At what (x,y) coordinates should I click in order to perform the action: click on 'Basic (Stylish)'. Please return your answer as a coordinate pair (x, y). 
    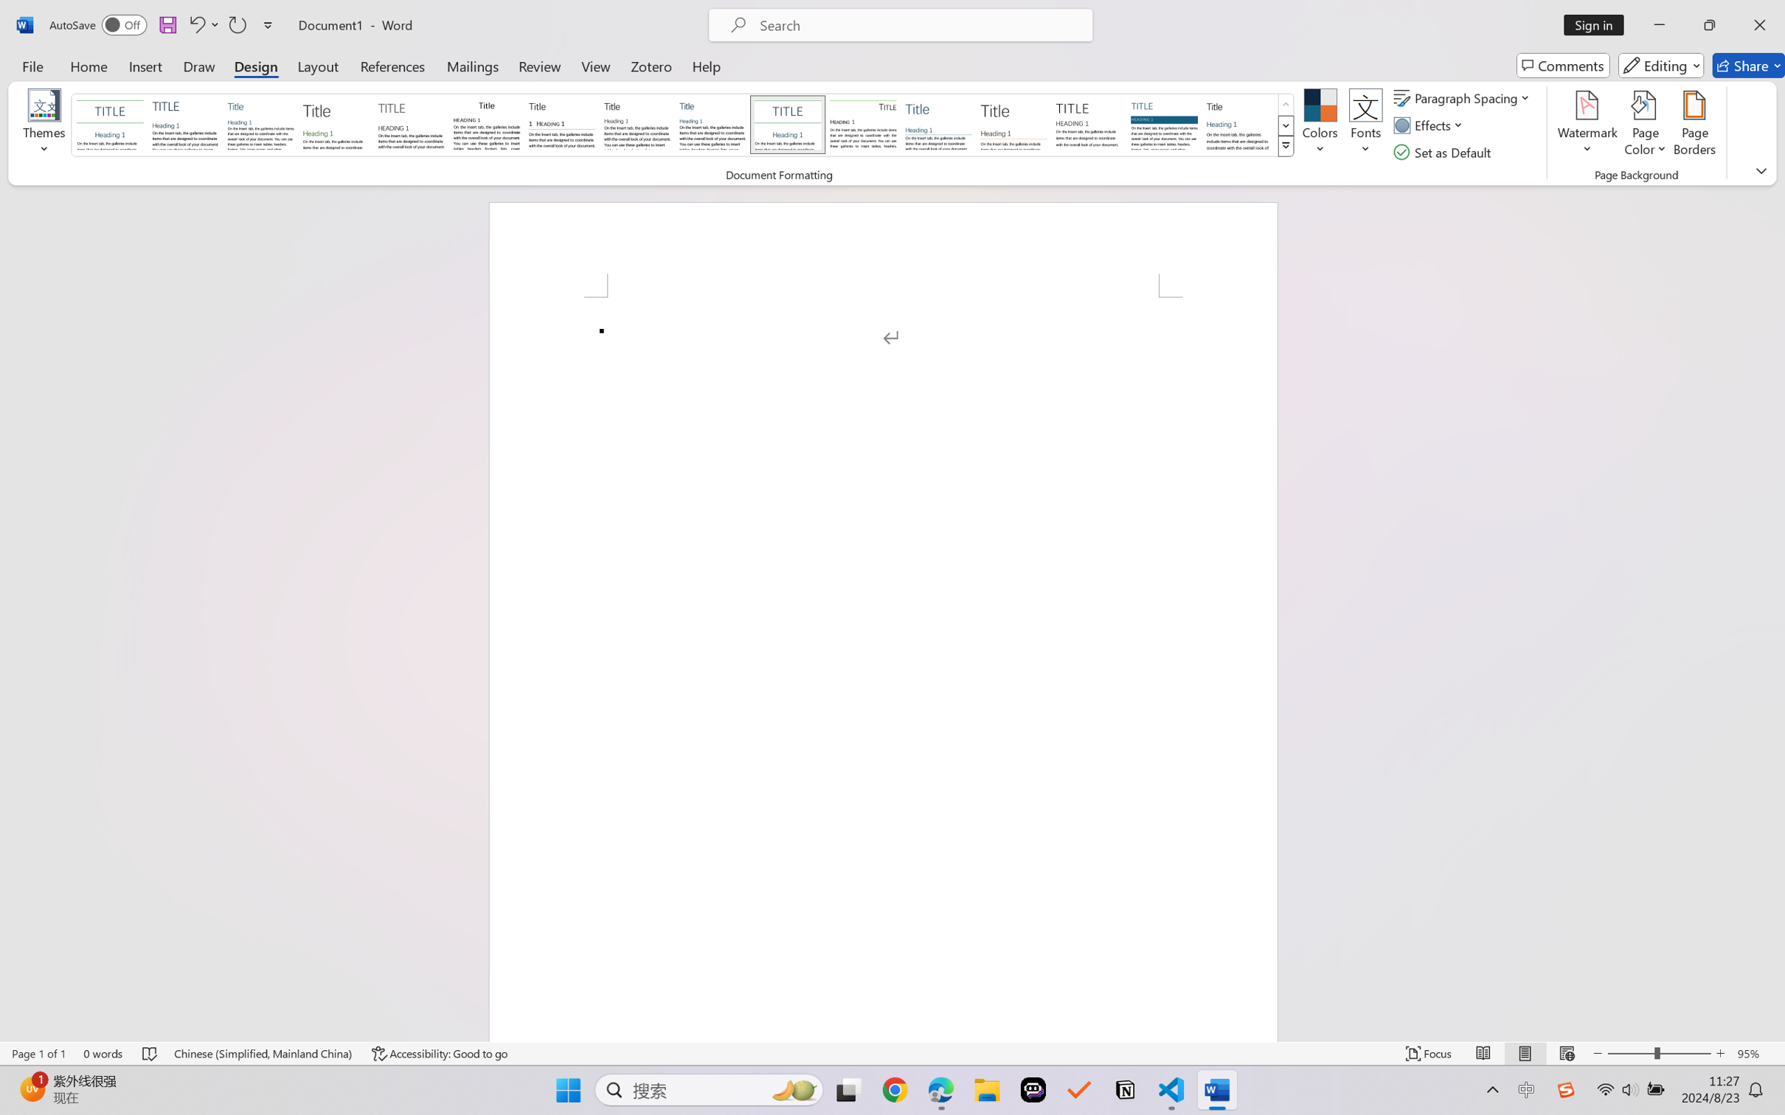
    Looking at the image, I should click on (335, 124).